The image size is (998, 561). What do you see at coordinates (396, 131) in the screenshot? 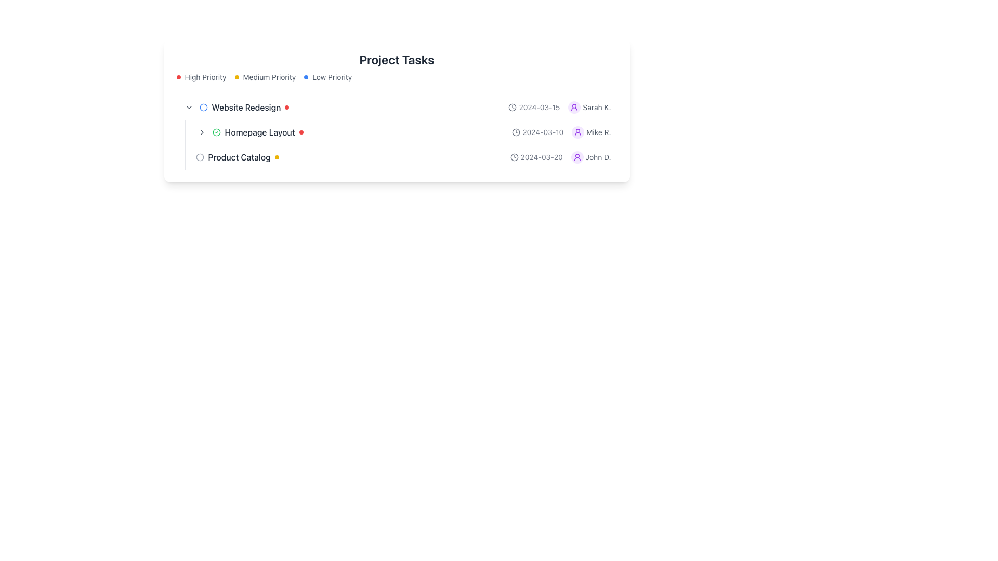
I see `tasks` at bounding box center [396, 131].